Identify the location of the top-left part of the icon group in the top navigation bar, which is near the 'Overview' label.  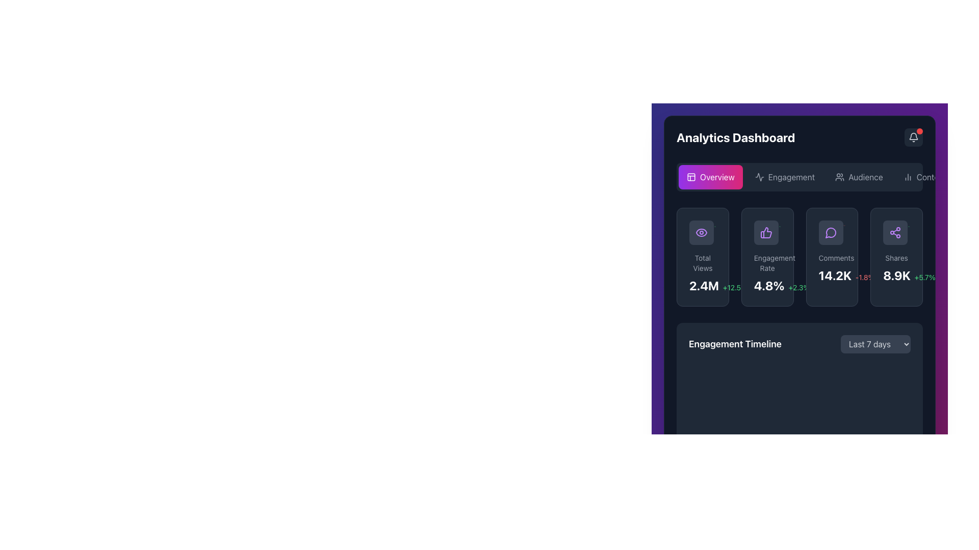
(691, 176).